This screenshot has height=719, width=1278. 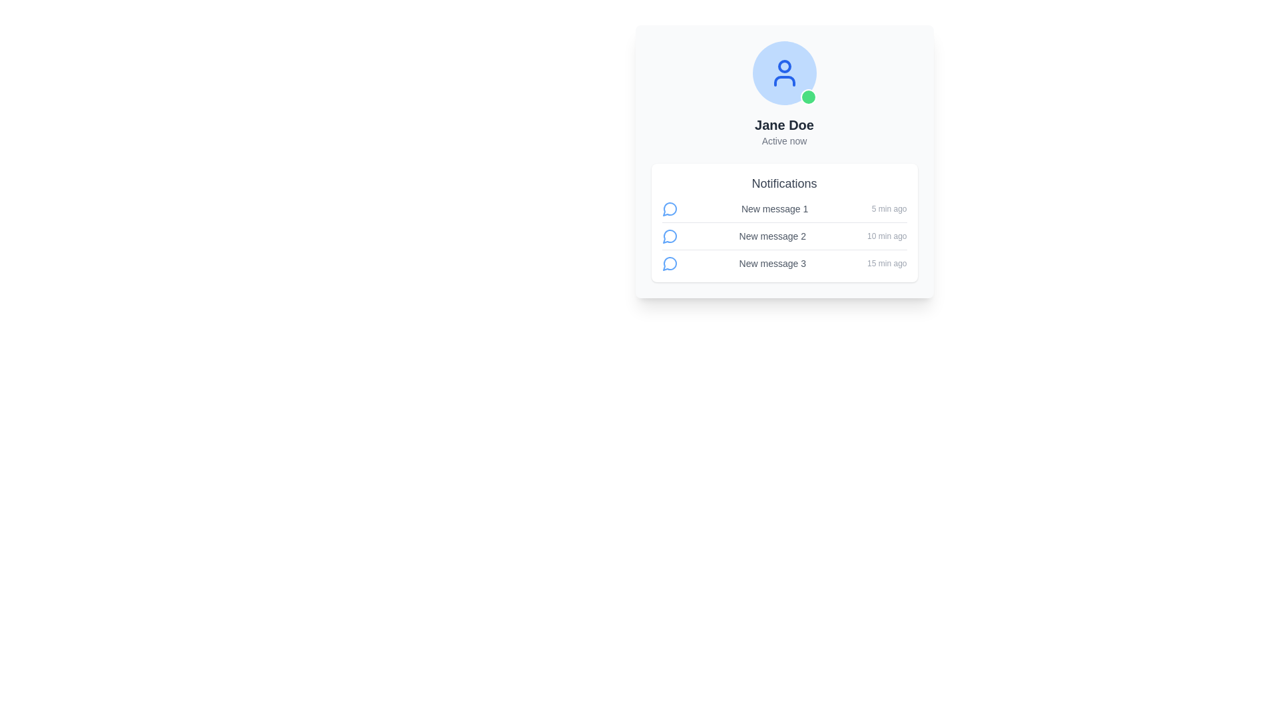 I want to click on the status represented by the Status Indicator located at the bottom-right corner of the profile icon, so click(x=807, y=97).